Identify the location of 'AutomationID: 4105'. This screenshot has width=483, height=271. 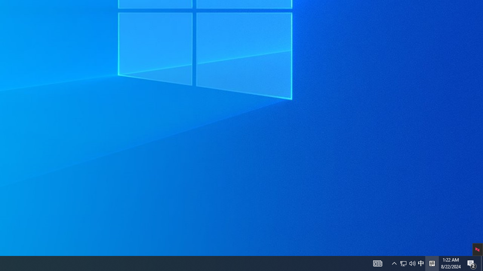
(394, 263).